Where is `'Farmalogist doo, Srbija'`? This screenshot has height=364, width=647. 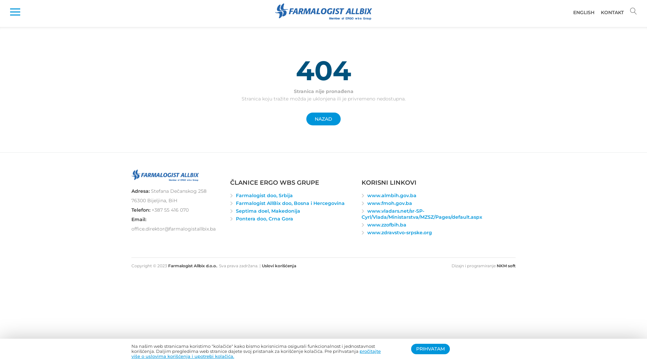 'Farmalogist doo, Srbija' is located at coordinates (264, 195).